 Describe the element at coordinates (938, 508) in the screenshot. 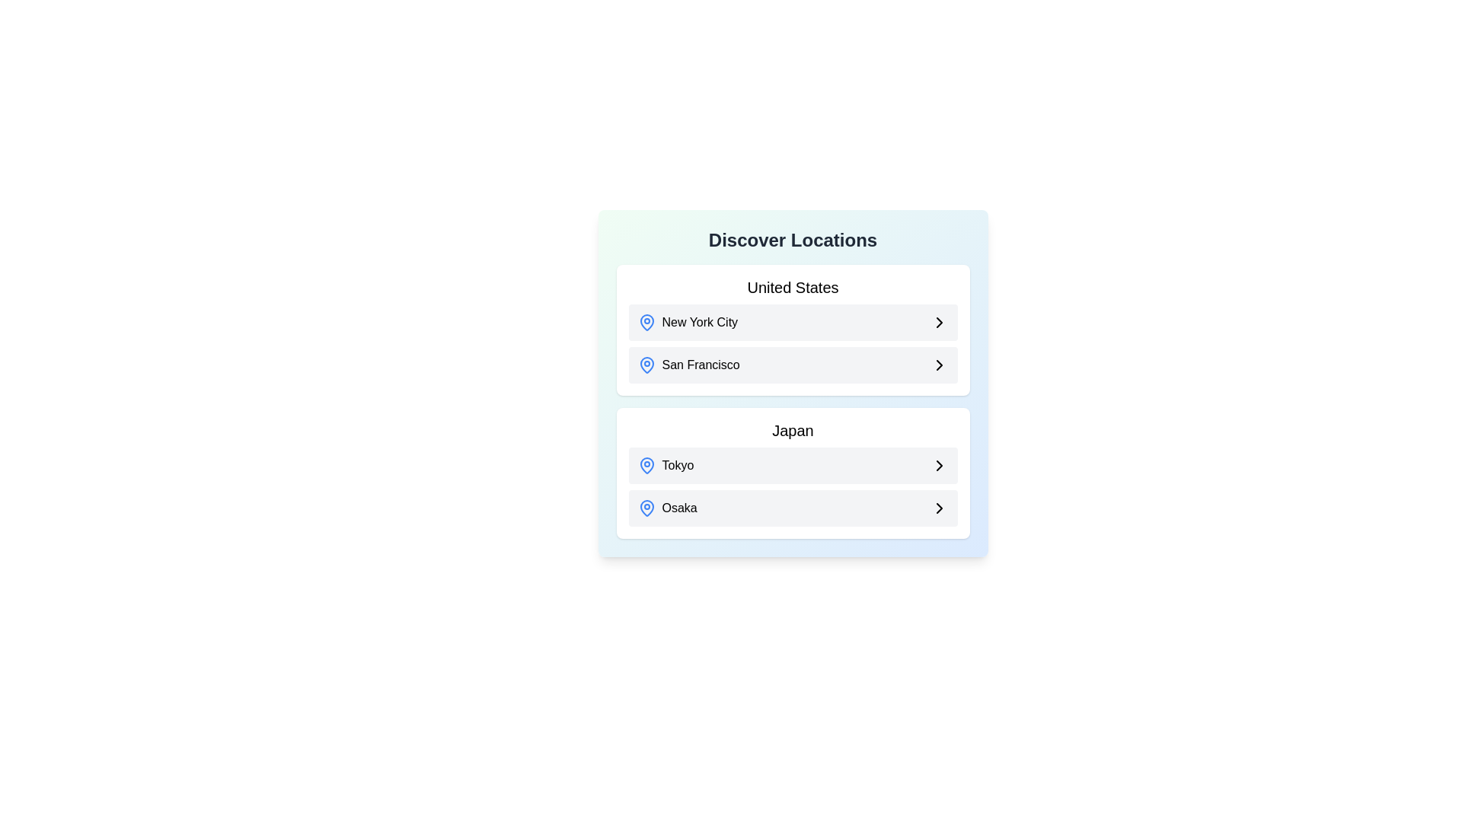

I see `the rightward-pointing Chevron icon associated with the 'Osaka' item located in the 'Japan' section of the interface` at that location.